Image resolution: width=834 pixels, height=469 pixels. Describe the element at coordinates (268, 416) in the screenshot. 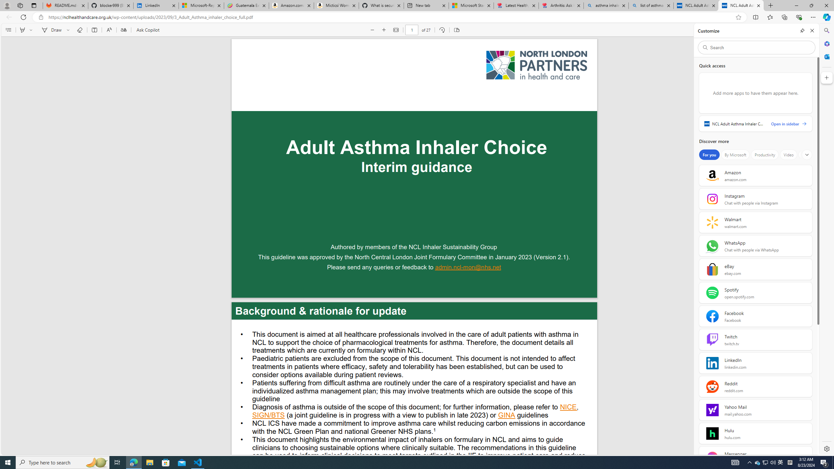

I see `'SIGN/BTS'` at that location.